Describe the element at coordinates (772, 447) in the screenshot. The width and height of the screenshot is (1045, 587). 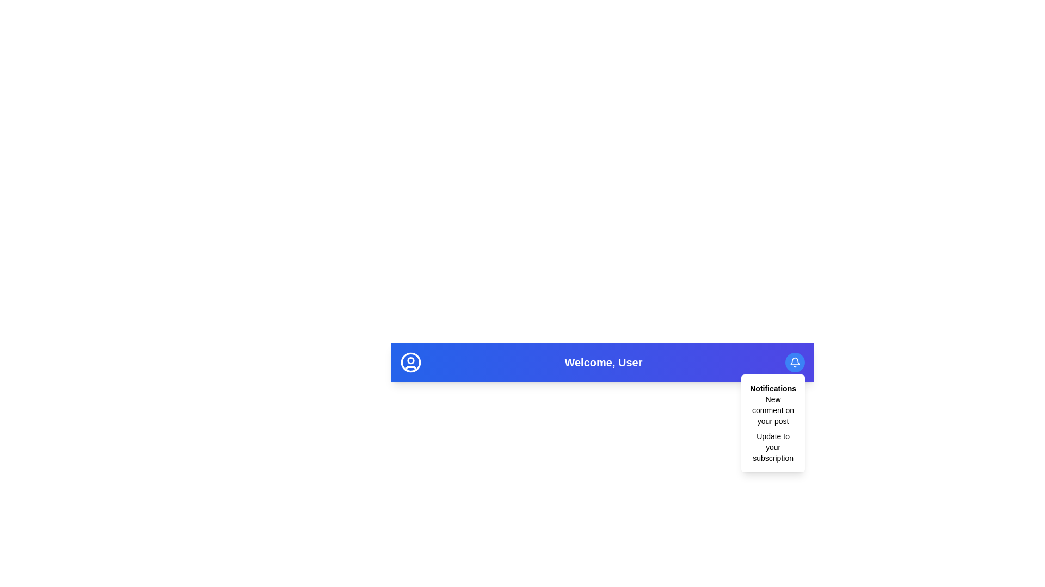
I see `the second text label under the 'Notifications' dropdown, which informs the user about subscription updates` at that location.